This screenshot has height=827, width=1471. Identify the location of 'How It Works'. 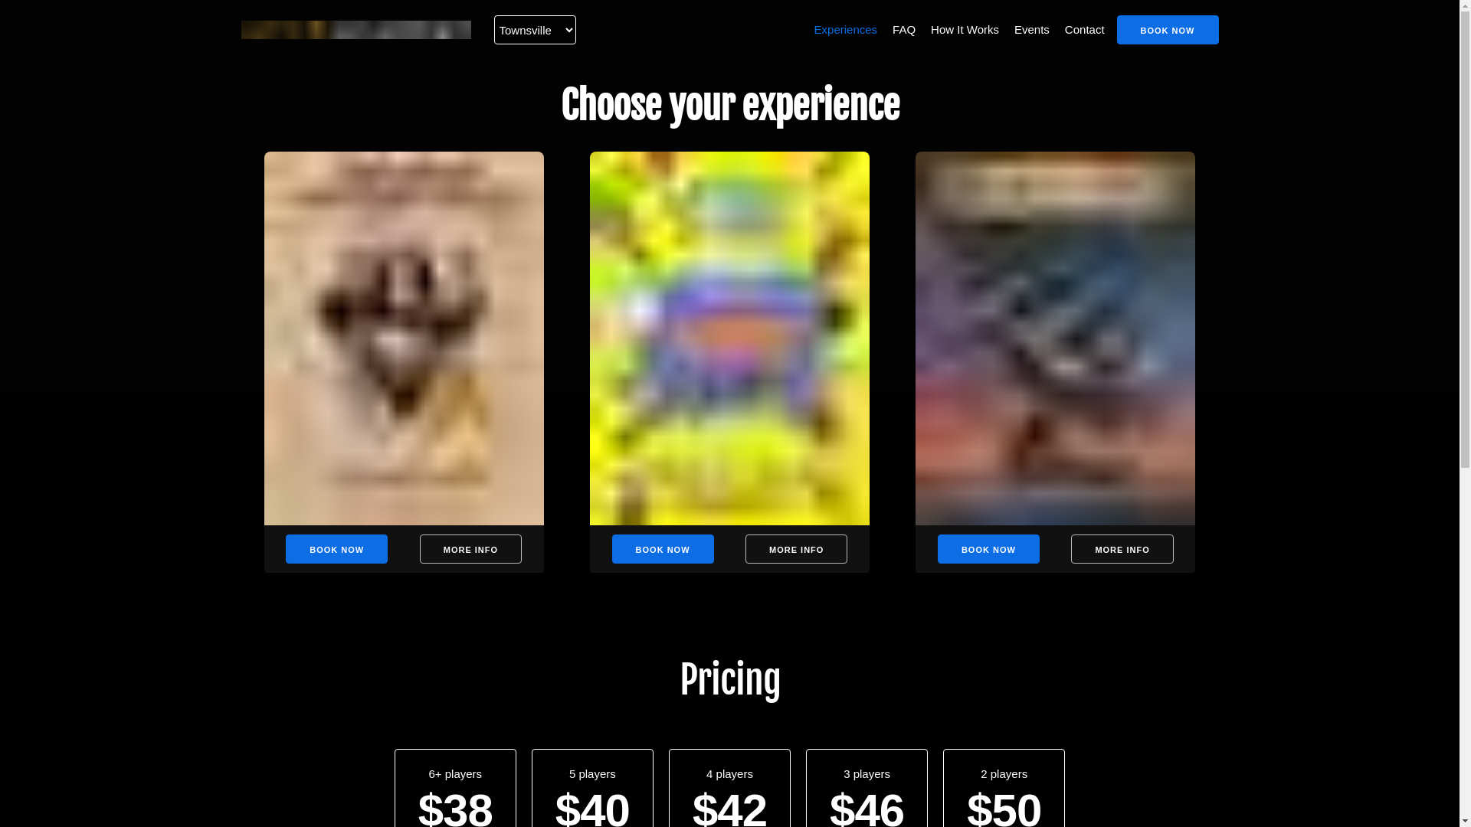
(926, 29).